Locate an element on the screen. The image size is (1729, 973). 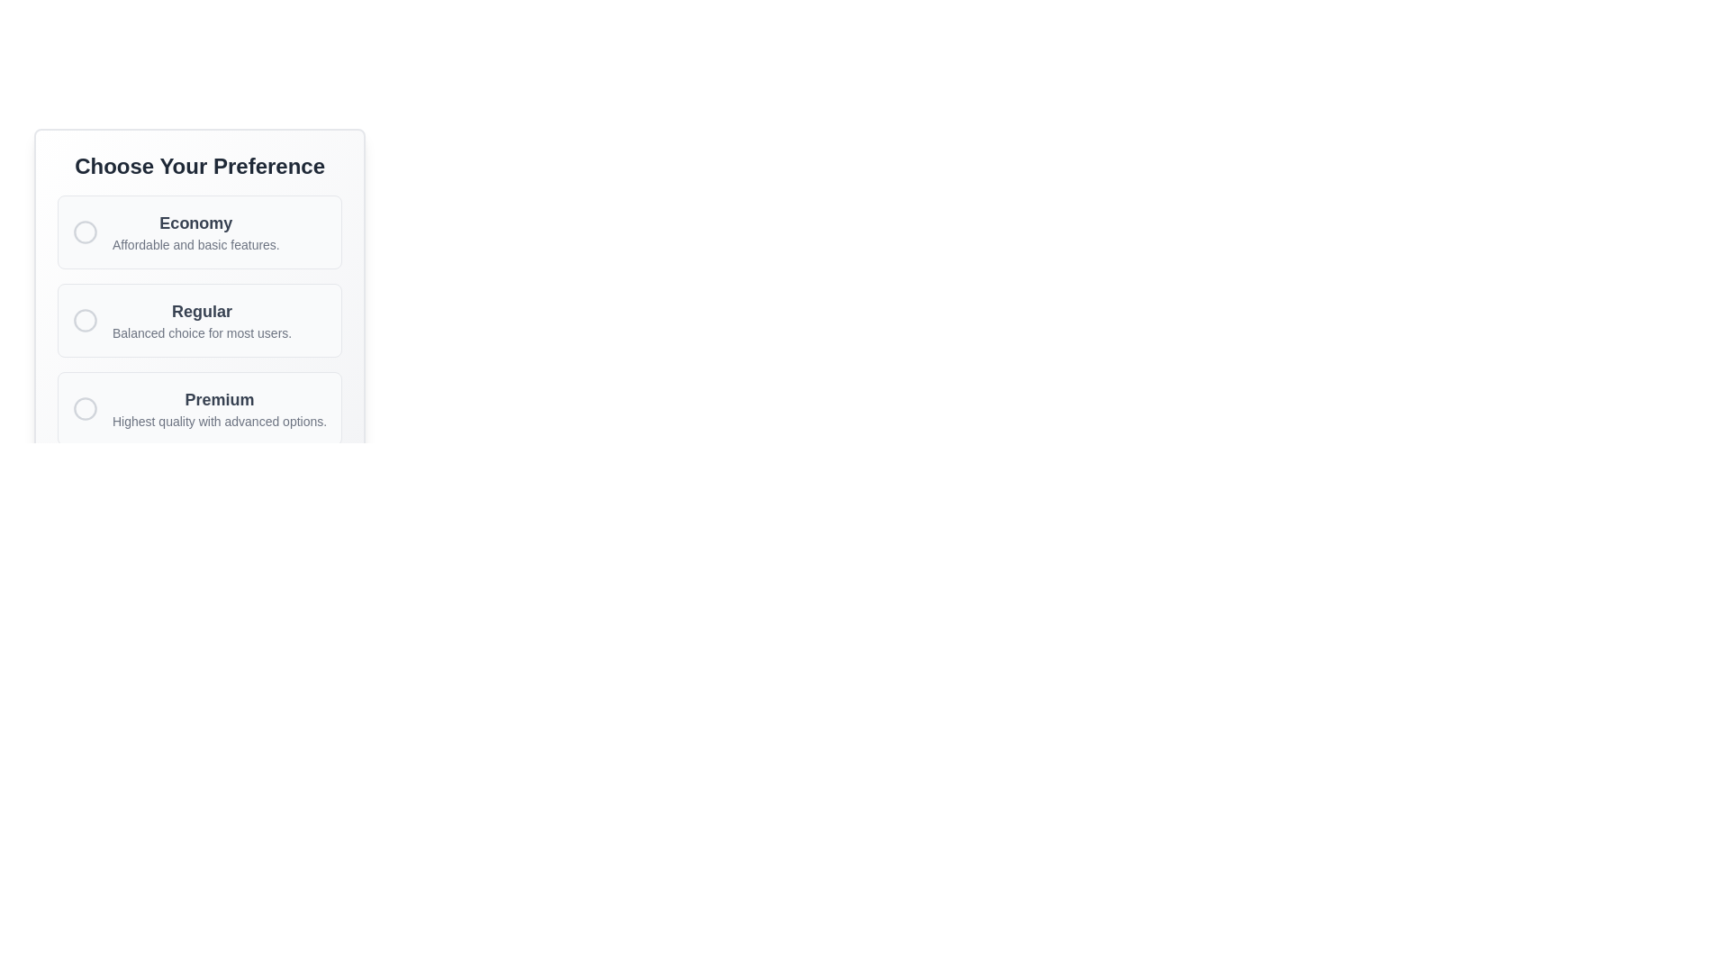
the 'Regular' text label, which is the second choice option in the list under 'Choose Your Preference', featuring a bold 'Regular' and a smaller gray description 'Balanced choice for most users' is located at coordinates (202, 319).